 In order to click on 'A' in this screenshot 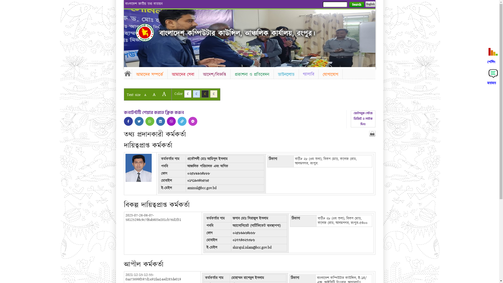, I will do `click(163, 94)`.